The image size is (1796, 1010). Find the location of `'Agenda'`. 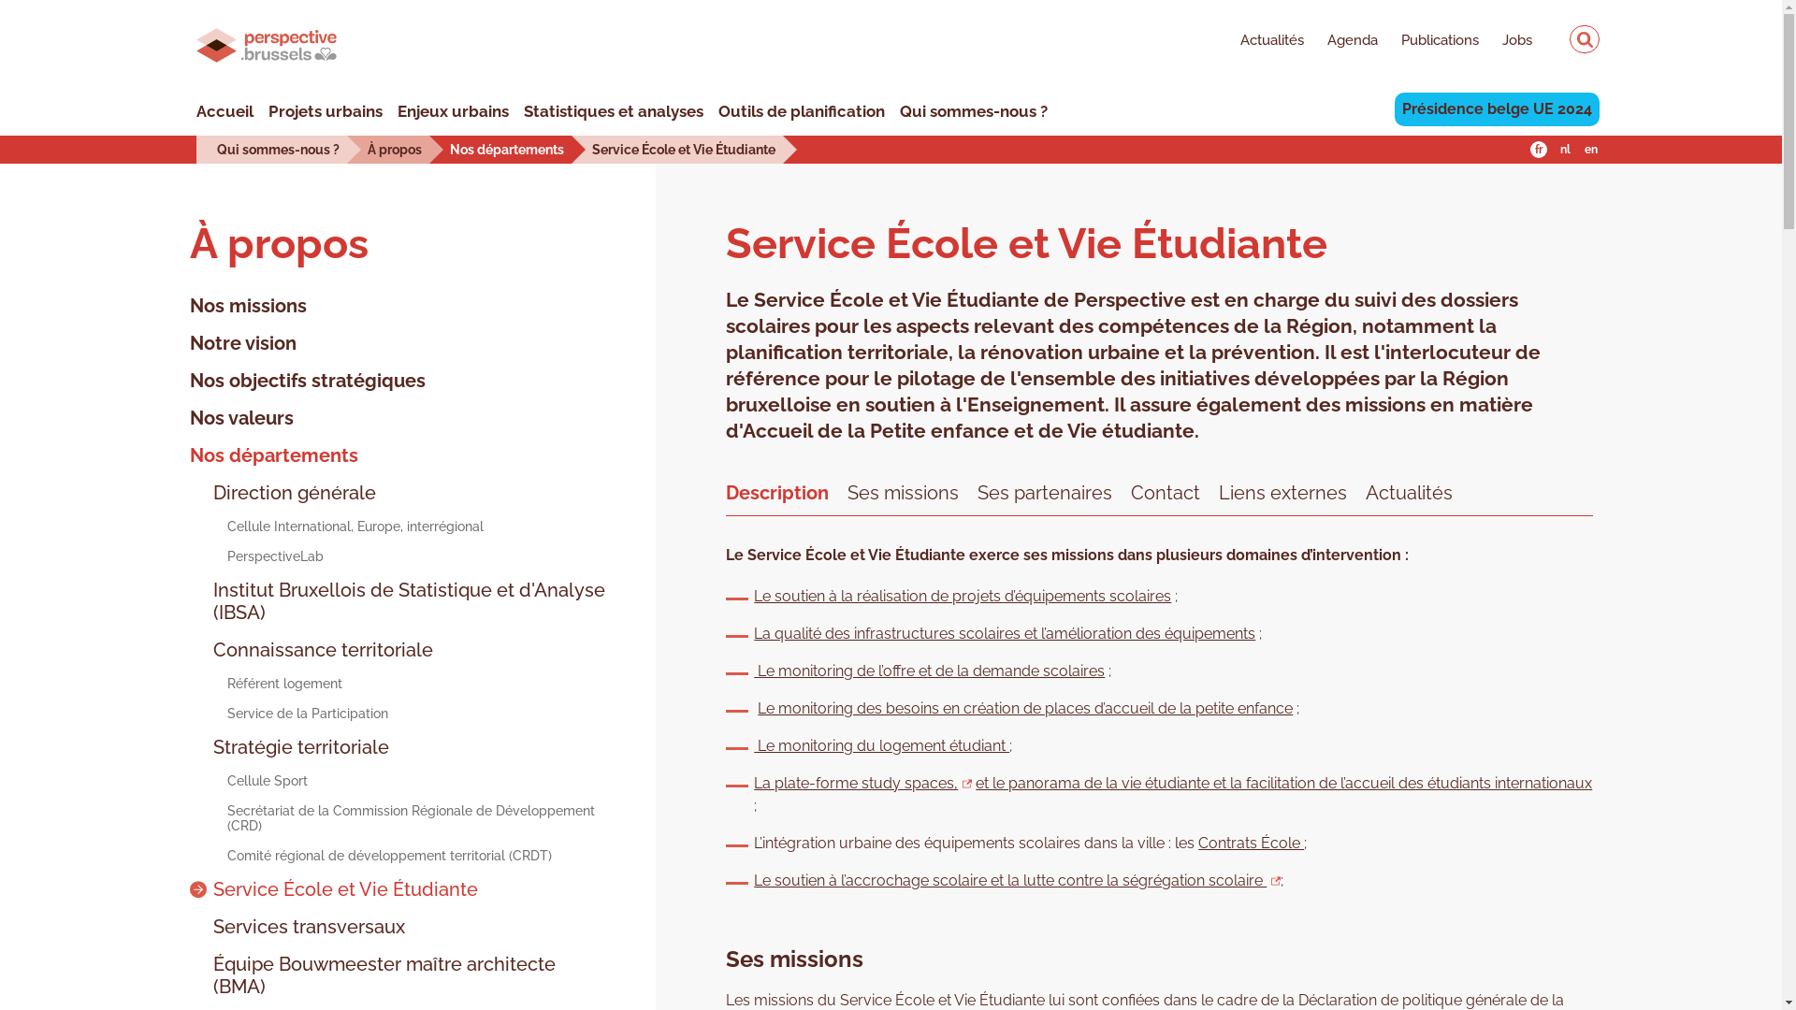

'Agenda' is located at coordinates (1340, 42).